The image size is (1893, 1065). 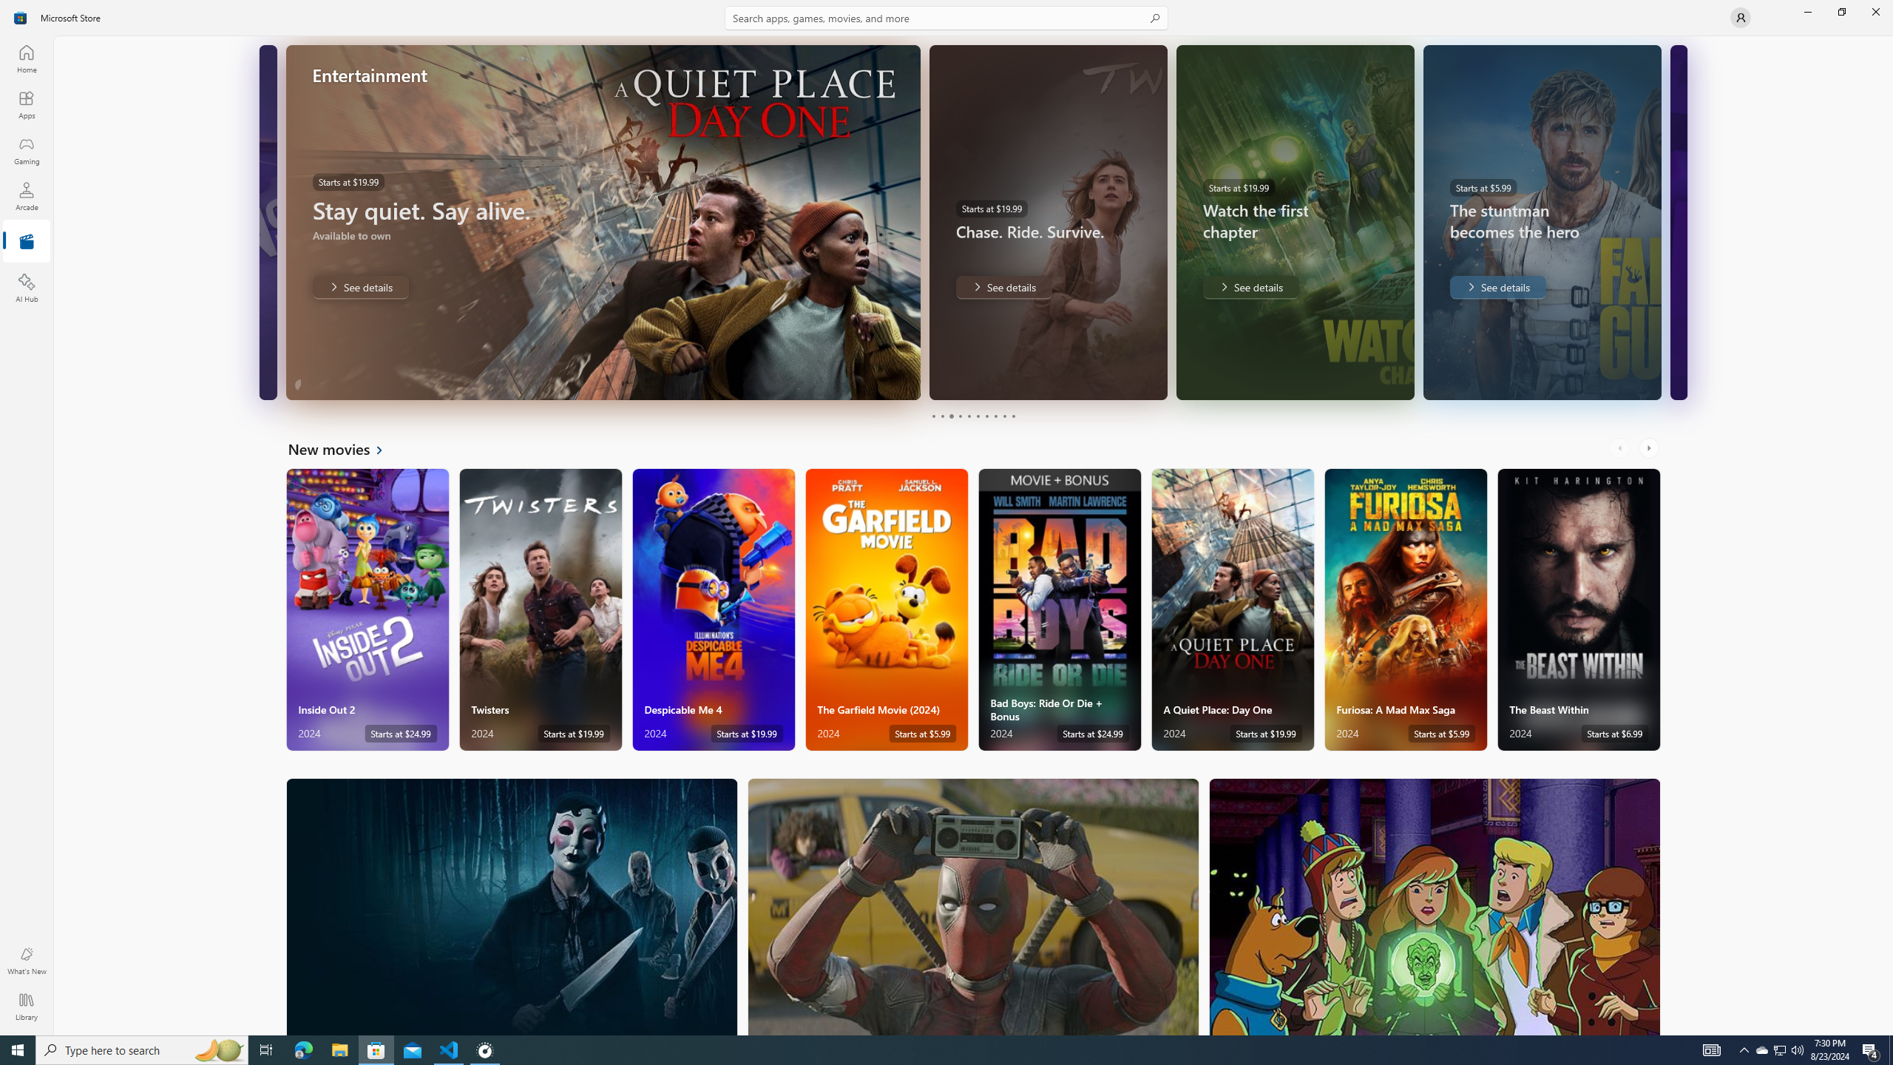 I want to click on 'Page 10', so click(x=1012, y=416).